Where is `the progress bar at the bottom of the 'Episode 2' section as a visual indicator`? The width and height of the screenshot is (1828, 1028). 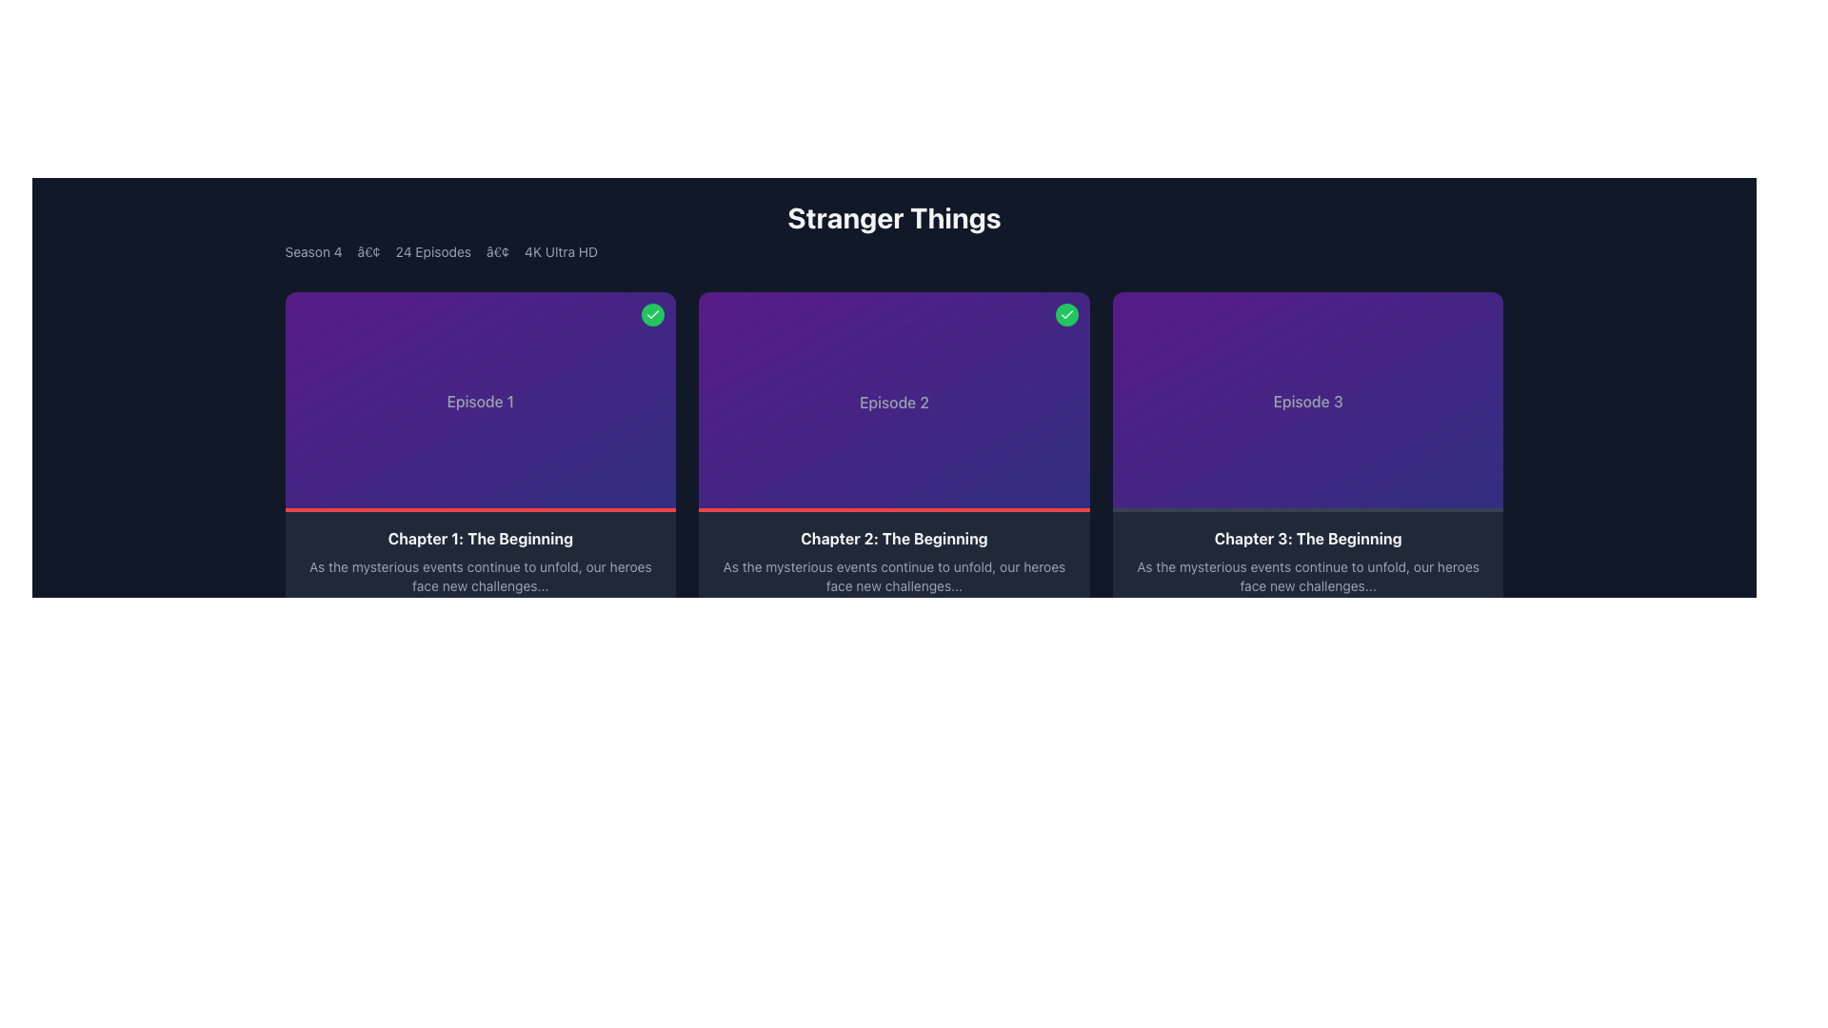
the progress bar at the bottom of the 'Episode 2' section as a visual indicator is located at coordinates (893, 509).